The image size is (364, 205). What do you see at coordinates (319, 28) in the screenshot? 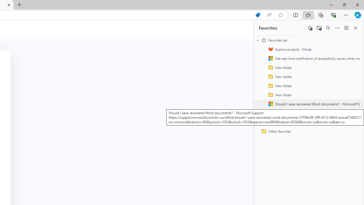
I see `'Add folder'` at bounding box center [319, 28].